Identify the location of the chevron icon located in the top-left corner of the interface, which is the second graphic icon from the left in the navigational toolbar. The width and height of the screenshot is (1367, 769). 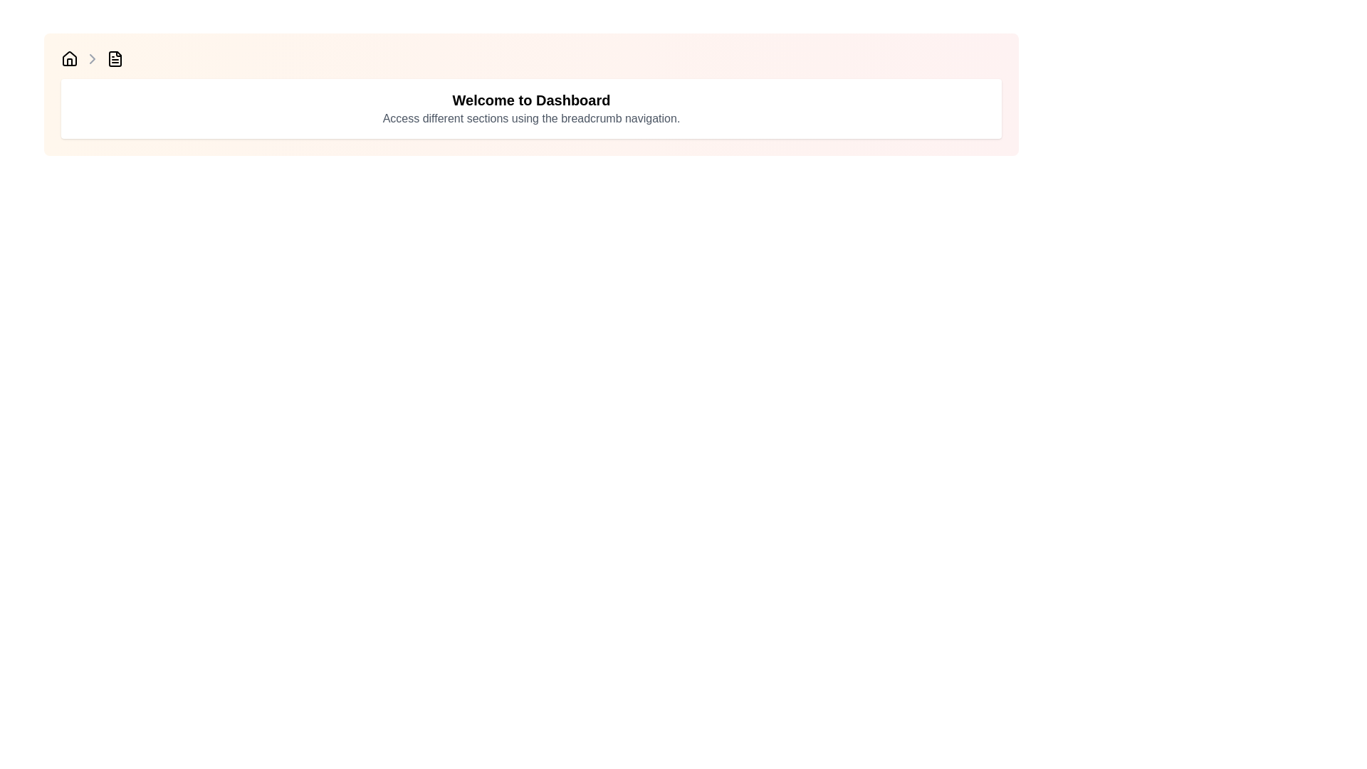
(91, 58).